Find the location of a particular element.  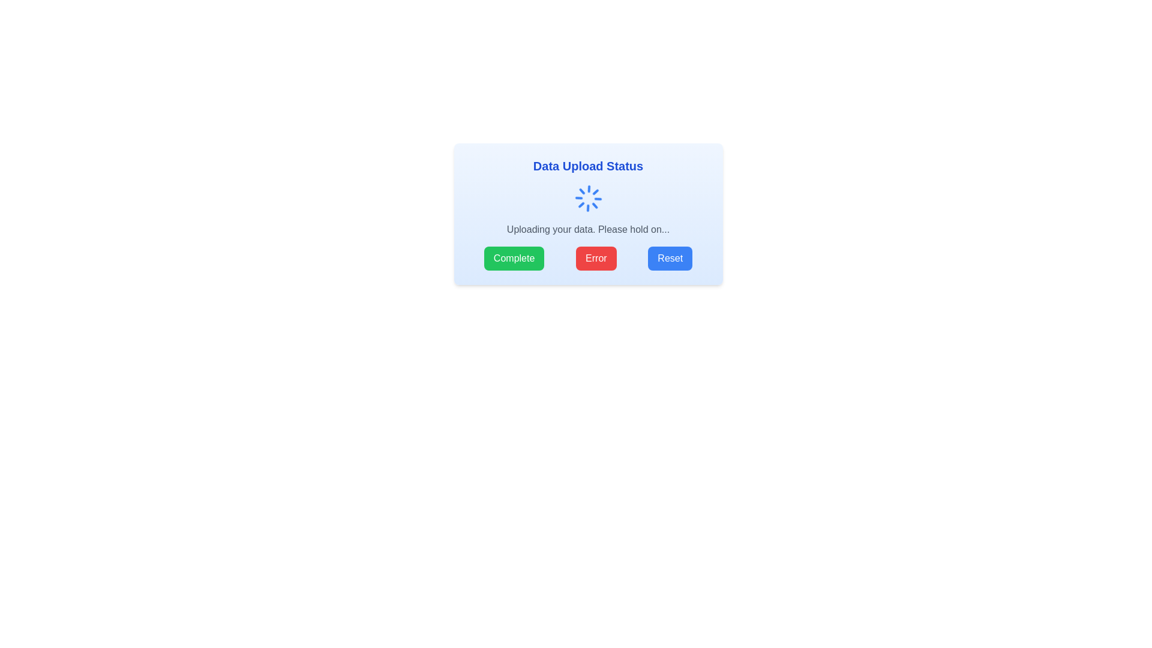

the Loader/Spinner animation in the centered dialog box that indicates data uploading is in progress is located at coordinates (588, 198).